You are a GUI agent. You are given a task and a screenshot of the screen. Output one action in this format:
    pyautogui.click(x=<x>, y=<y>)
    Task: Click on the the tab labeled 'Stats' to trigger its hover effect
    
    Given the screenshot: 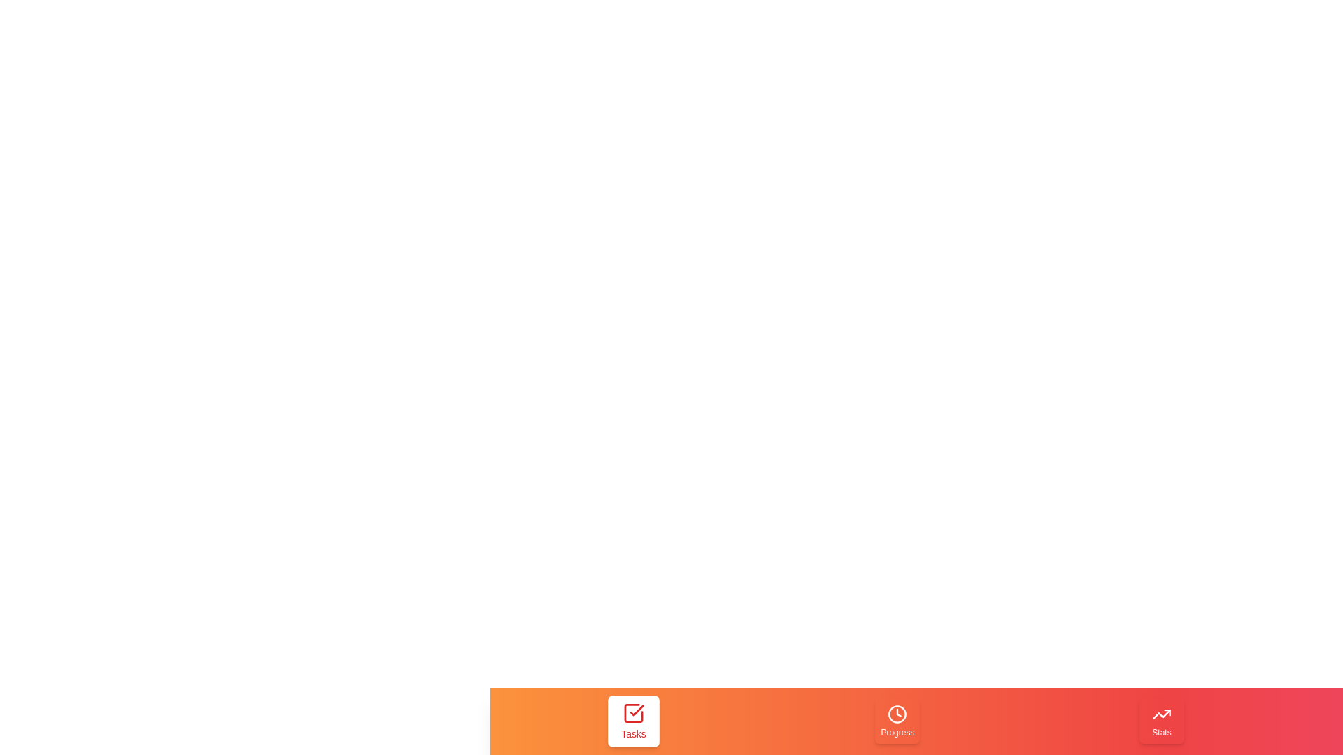 What is the action you would take?
    pyautogui.click(x=1161, y=721)
    